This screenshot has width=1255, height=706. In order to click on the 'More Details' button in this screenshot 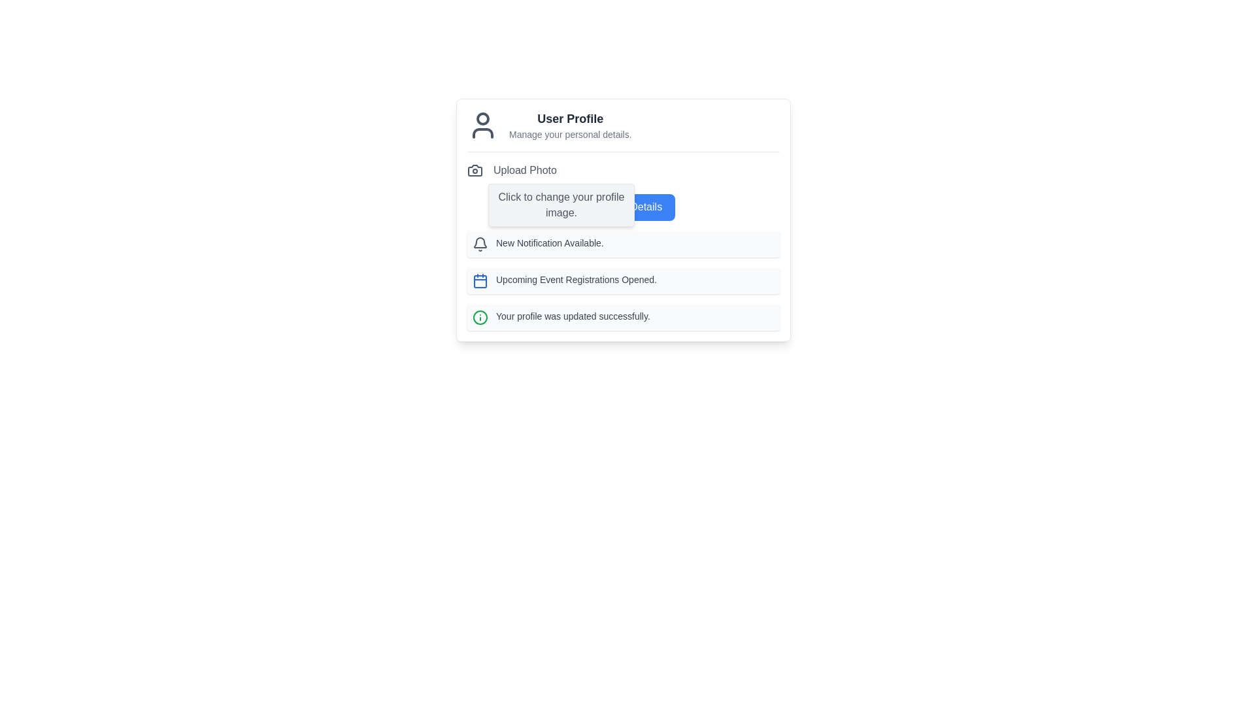, I will do `click(623, 206)`.